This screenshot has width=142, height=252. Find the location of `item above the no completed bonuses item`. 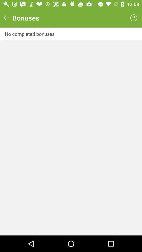

item above the no completed bonuses item is located at coordinates (6, 18).